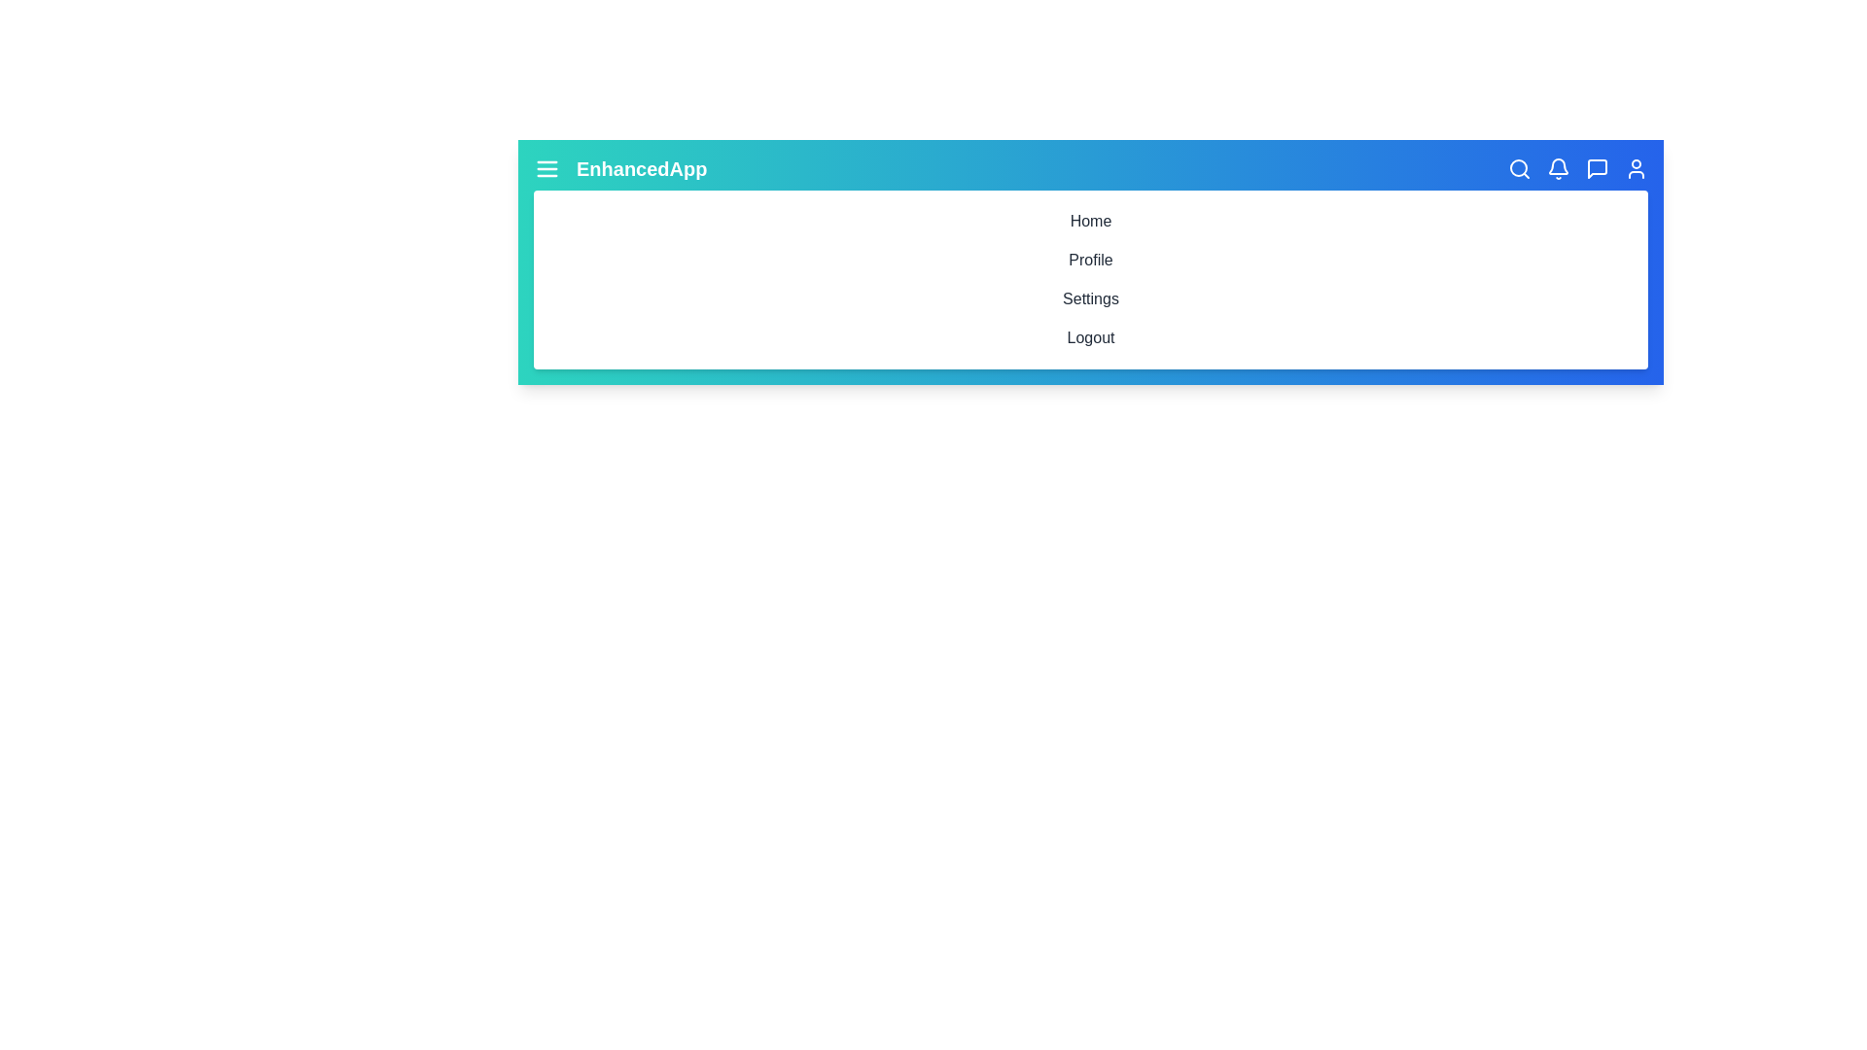 The width and height of the screenshot is (1867, 1050). Describe the element at coordinates (1091, 259) in the screenshot. I see `the navigation item Profile in the menu` at that location.